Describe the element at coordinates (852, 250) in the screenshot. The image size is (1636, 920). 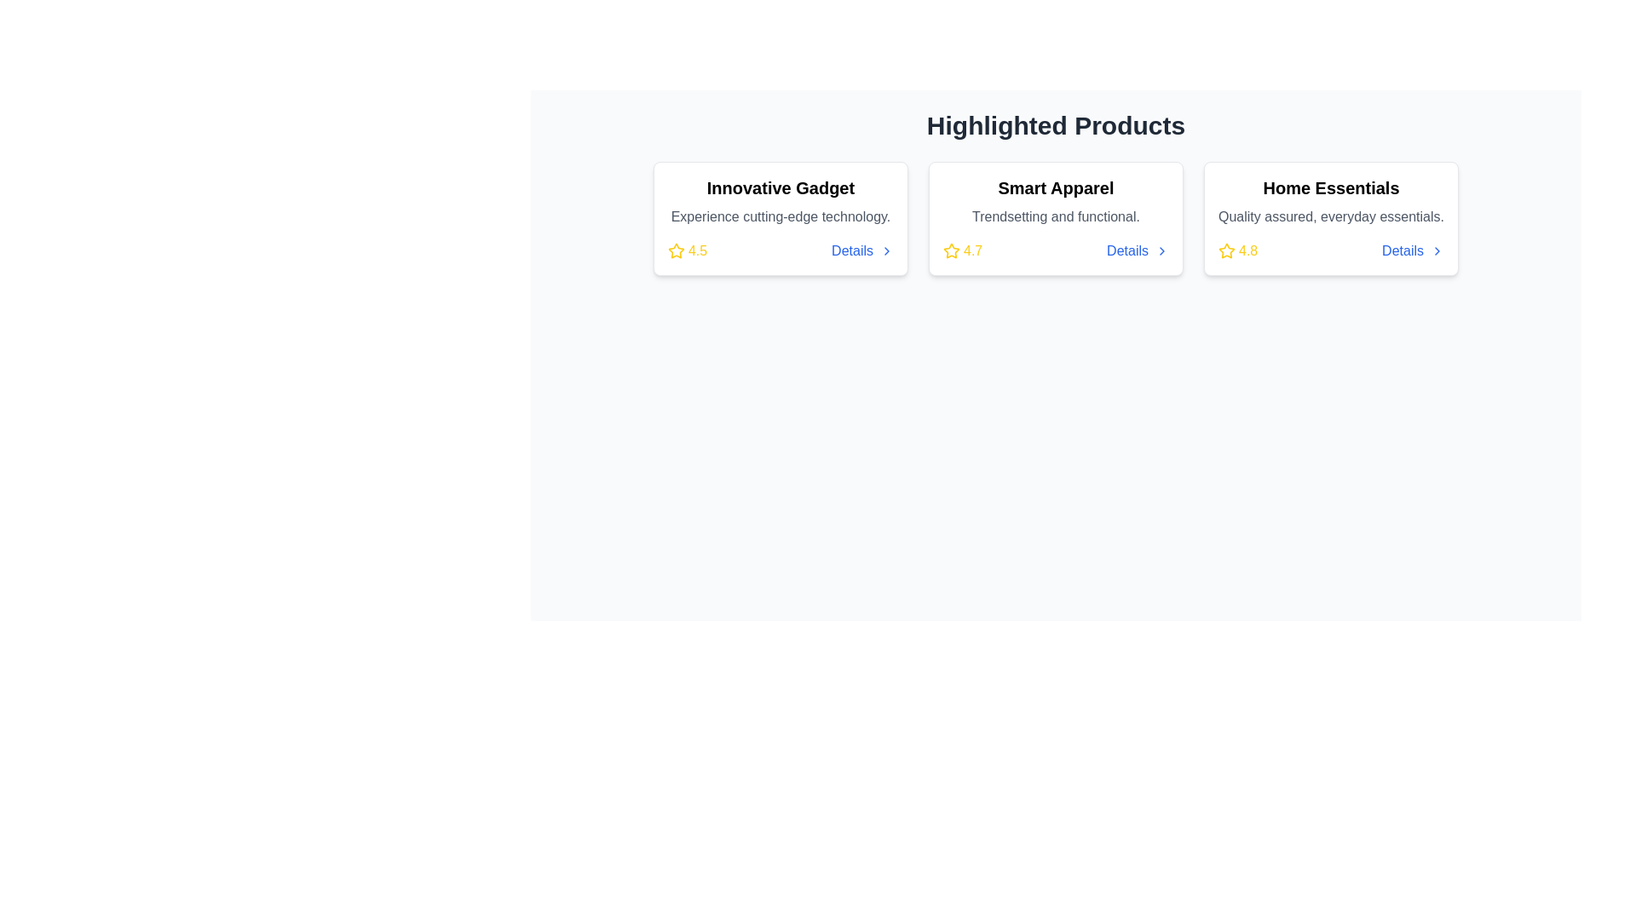
I see `the text label displaying 'Details' styled in blue, which is located in the 'Innovative Gadget' card, below the rating and next to a rightward-pointing arrow icon` at that location.